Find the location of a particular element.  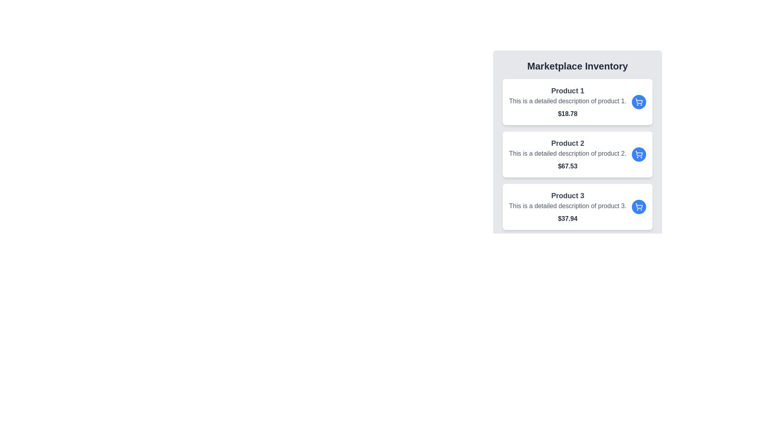

the icon button located is located at coordinates (639, 206).